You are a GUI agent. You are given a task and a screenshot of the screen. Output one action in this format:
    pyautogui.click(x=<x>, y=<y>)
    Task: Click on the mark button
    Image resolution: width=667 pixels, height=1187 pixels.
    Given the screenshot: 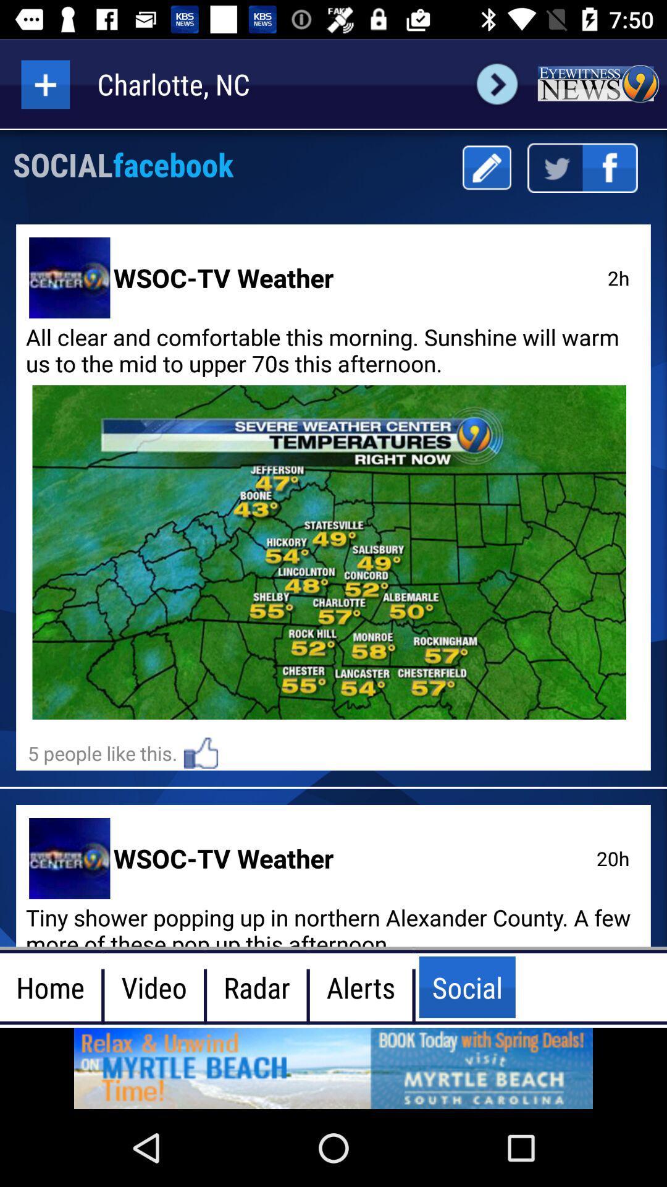 What is the action you would take?
    pyautogui.click(x=486, y=167)
    